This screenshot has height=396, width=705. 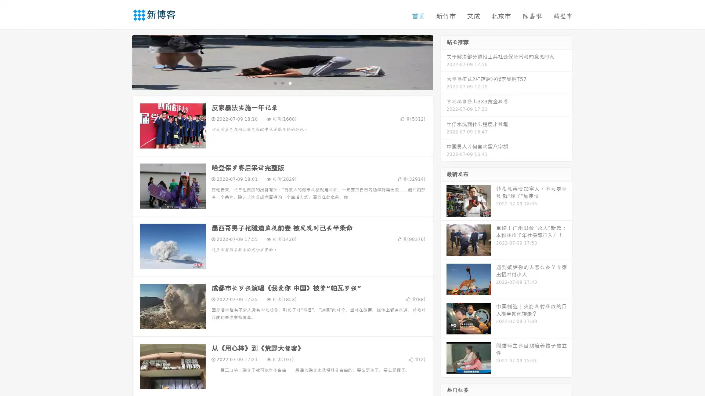 What do you see at coordinates (121, 62) in the screenshot?
I see `Previous slide` at bounding box center [121, 62].